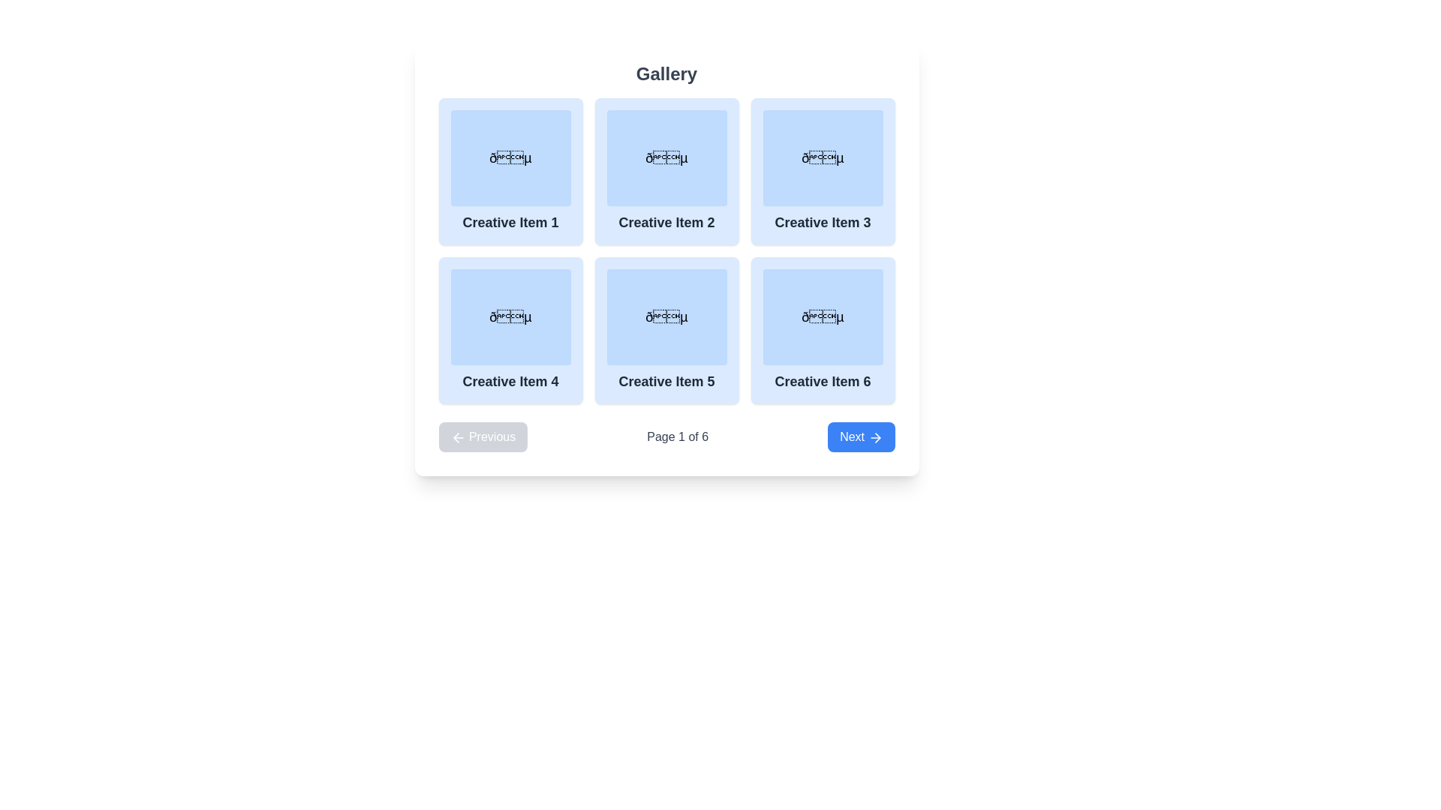 This screenshot has width=1441, height=810. What do you see at coordinates (510, 329) in the screenshot?
I see `the Card component located in the second row and first column of the gallery grid` at bounding box center [510, 329].